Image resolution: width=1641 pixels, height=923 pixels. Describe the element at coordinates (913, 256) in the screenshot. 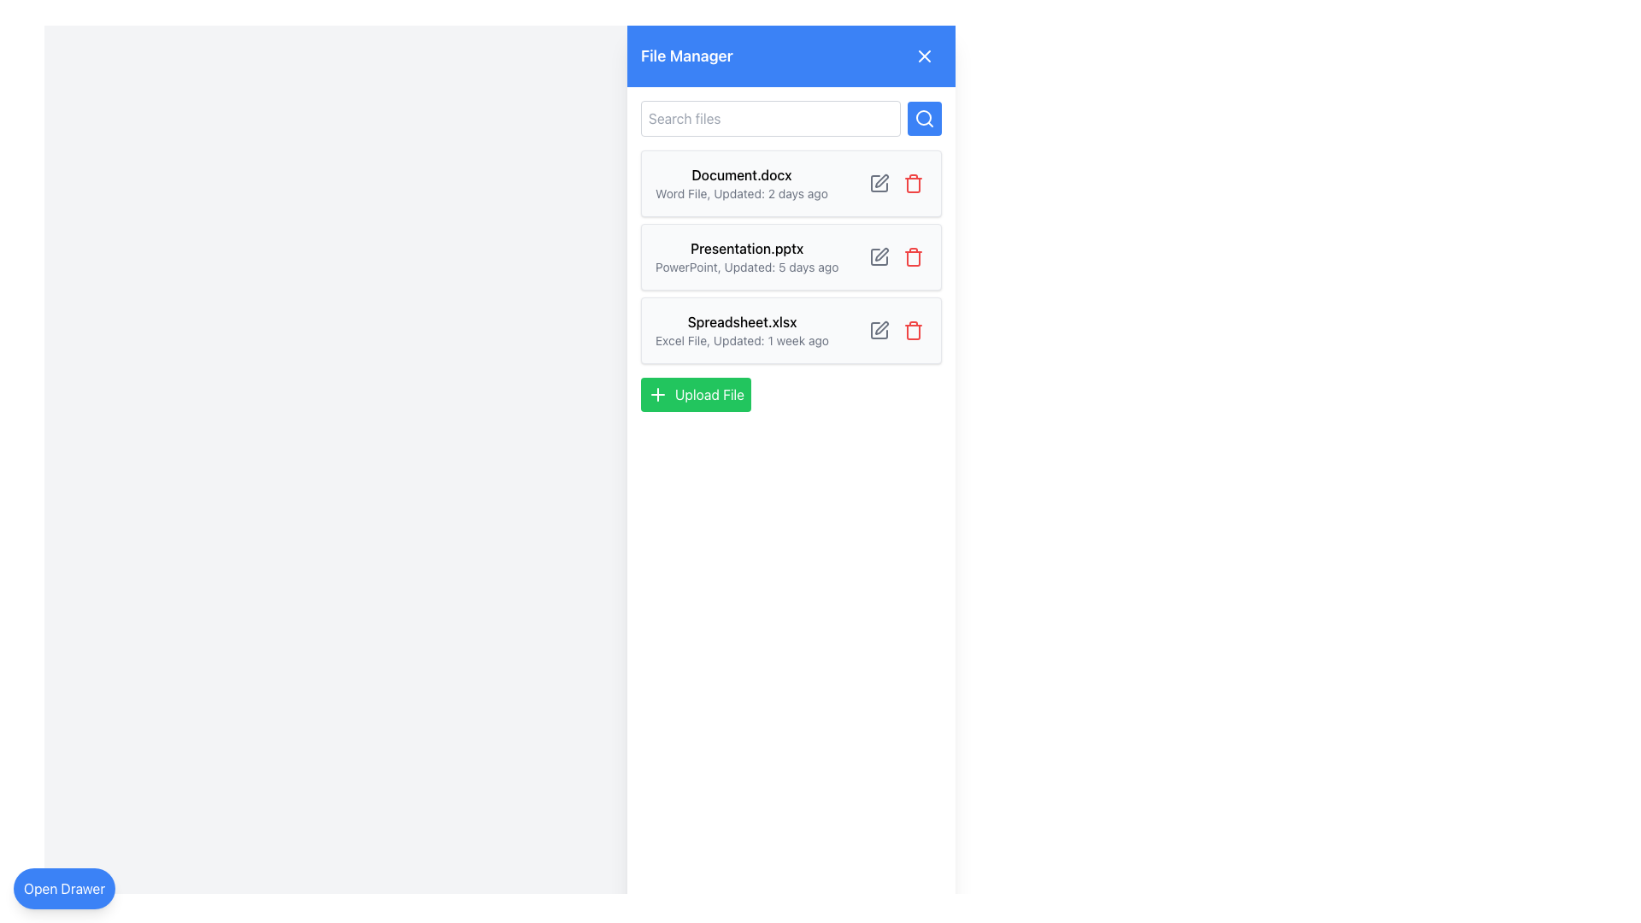

I see `the delete icon button located at the rightmost position of the file controls, which allows users` at that location.